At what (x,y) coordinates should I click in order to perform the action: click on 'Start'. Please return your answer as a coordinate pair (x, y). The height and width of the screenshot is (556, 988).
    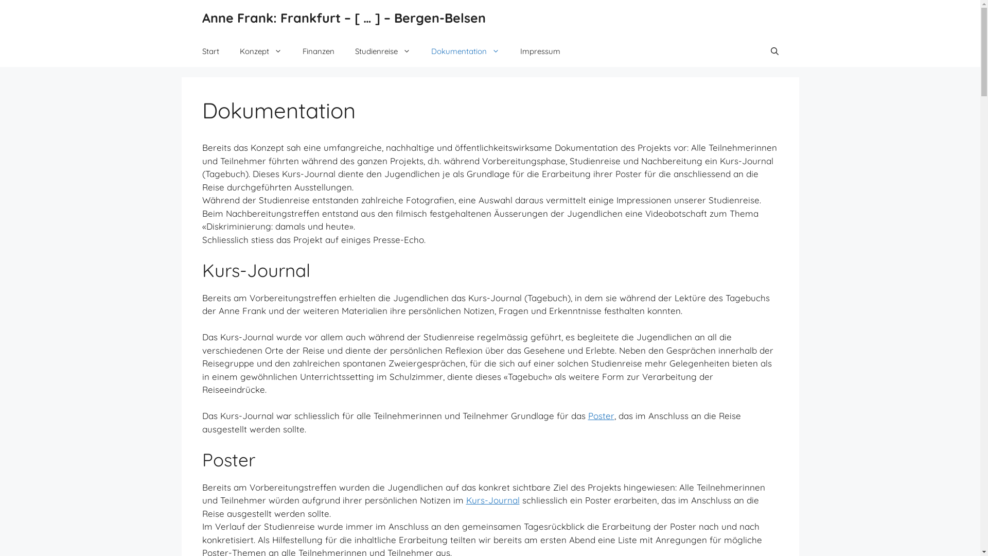
    Looking at the image, I should click on (209, 51).